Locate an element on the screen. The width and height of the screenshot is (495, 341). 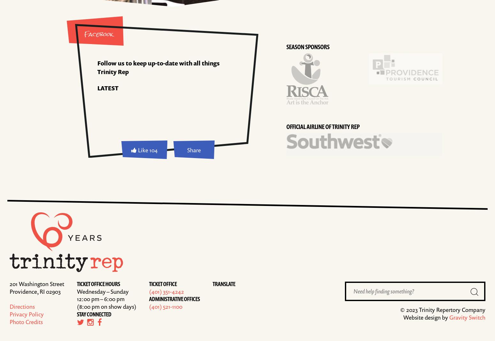
'Wednesday – Sunday' is located at coordinates (102, 291).